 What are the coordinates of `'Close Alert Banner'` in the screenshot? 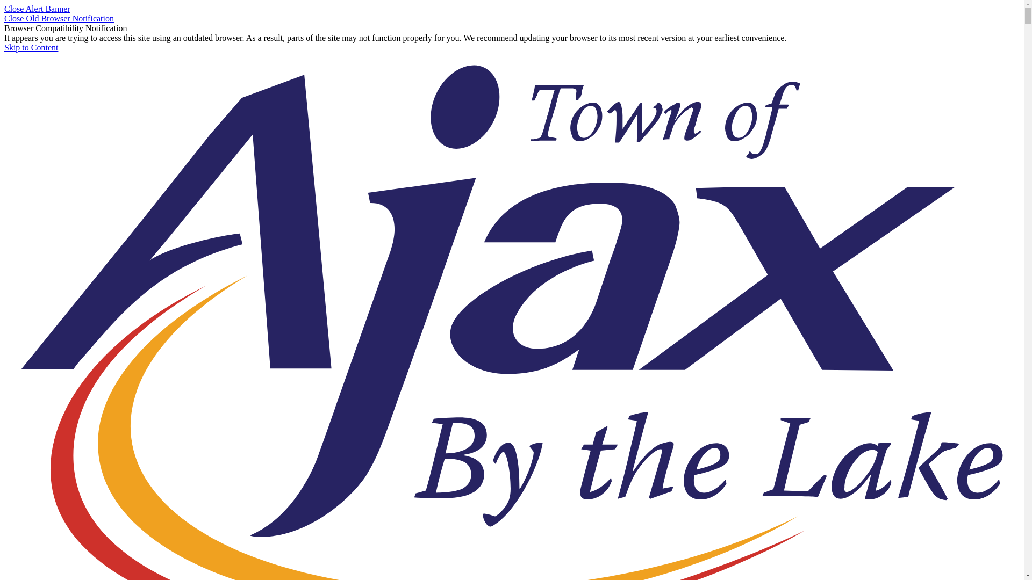 It's located at (37, 9).